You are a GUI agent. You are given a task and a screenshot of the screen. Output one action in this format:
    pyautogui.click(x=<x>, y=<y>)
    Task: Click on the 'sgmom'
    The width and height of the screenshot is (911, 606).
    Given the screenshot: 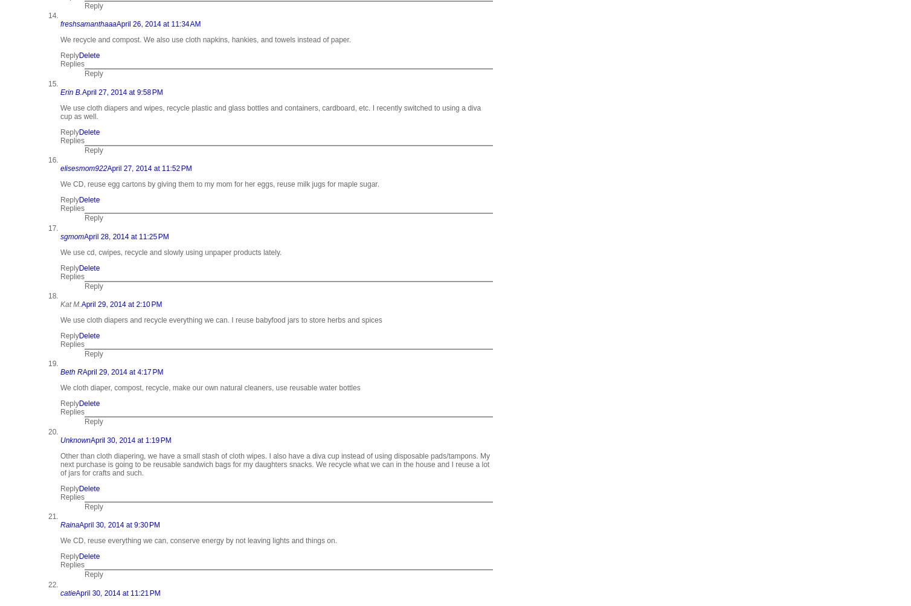 What is the action you would take?
    pyautogui.click(x=72, y=235)
    